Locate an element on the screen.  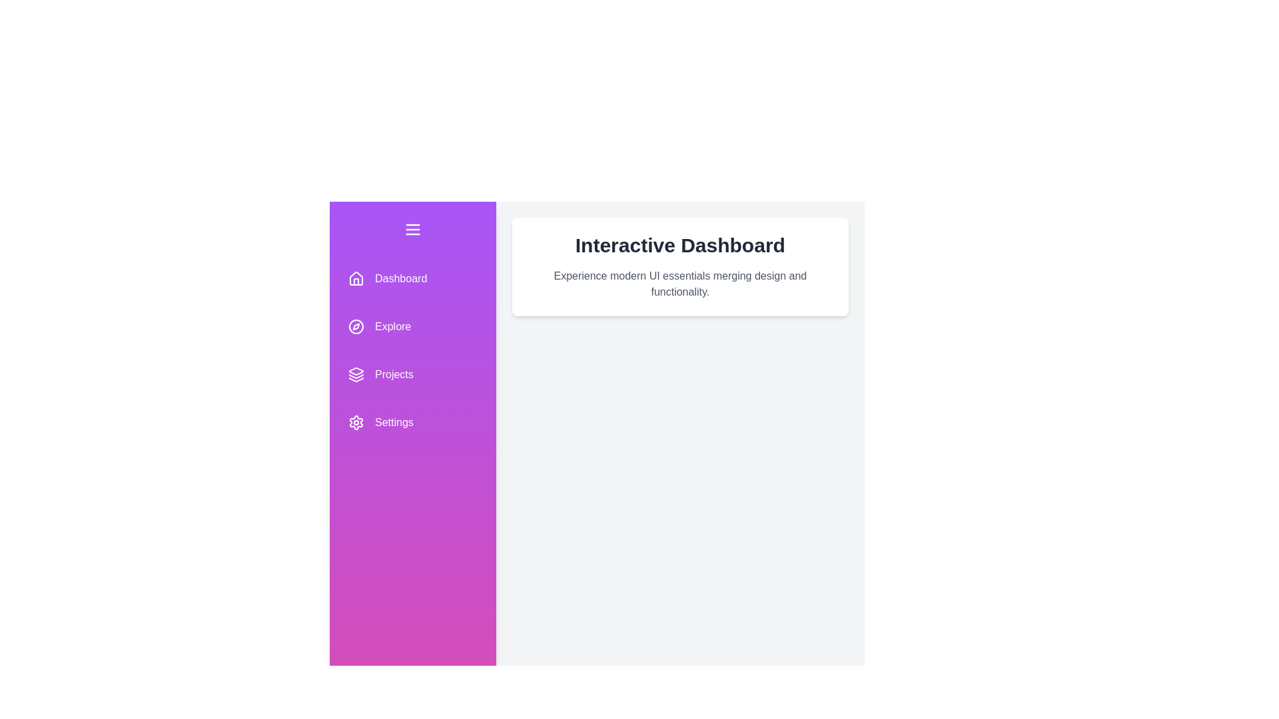
the menu item Dashboard from the navigation component is located at coordinates (412, 278).